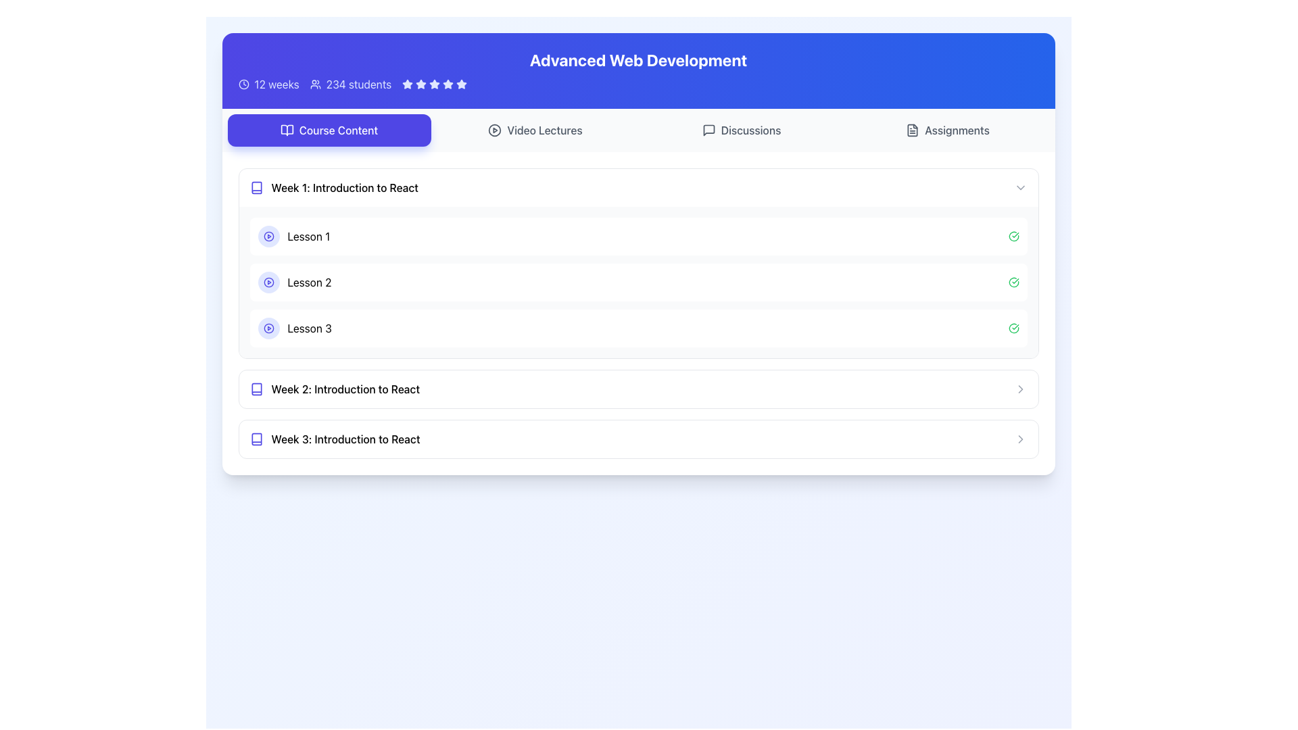 The width and height of the screenshot is (1298, 730). Describe the element at coordinates (335, 389) in the screenshot. I see `the list item displaying 'Week 2: Introduction to React' with a blue book icon` at that location.